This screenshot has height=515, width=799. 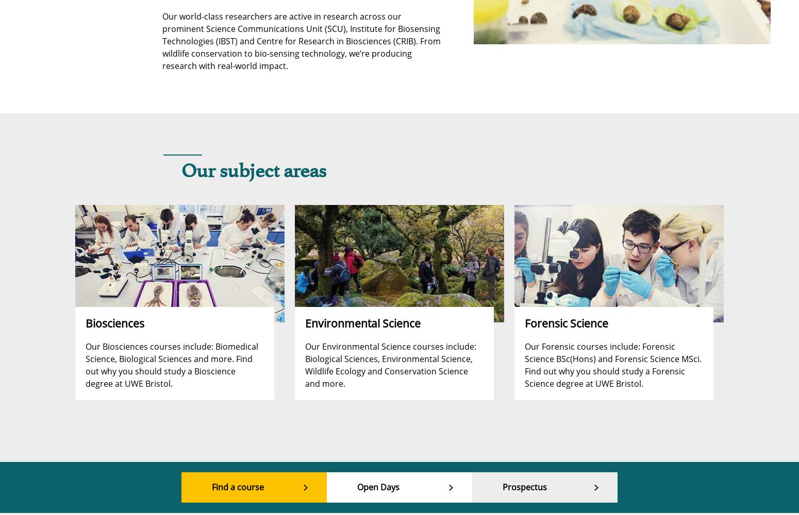 What do you see at coordinates (390, 364) in the screenshot?
I see `'Our Environmental Science courses include: Biological Sciences, Environmental Science, Wildlife Ecology and Conservation Science and more.'` at bounding box center [390, 364].